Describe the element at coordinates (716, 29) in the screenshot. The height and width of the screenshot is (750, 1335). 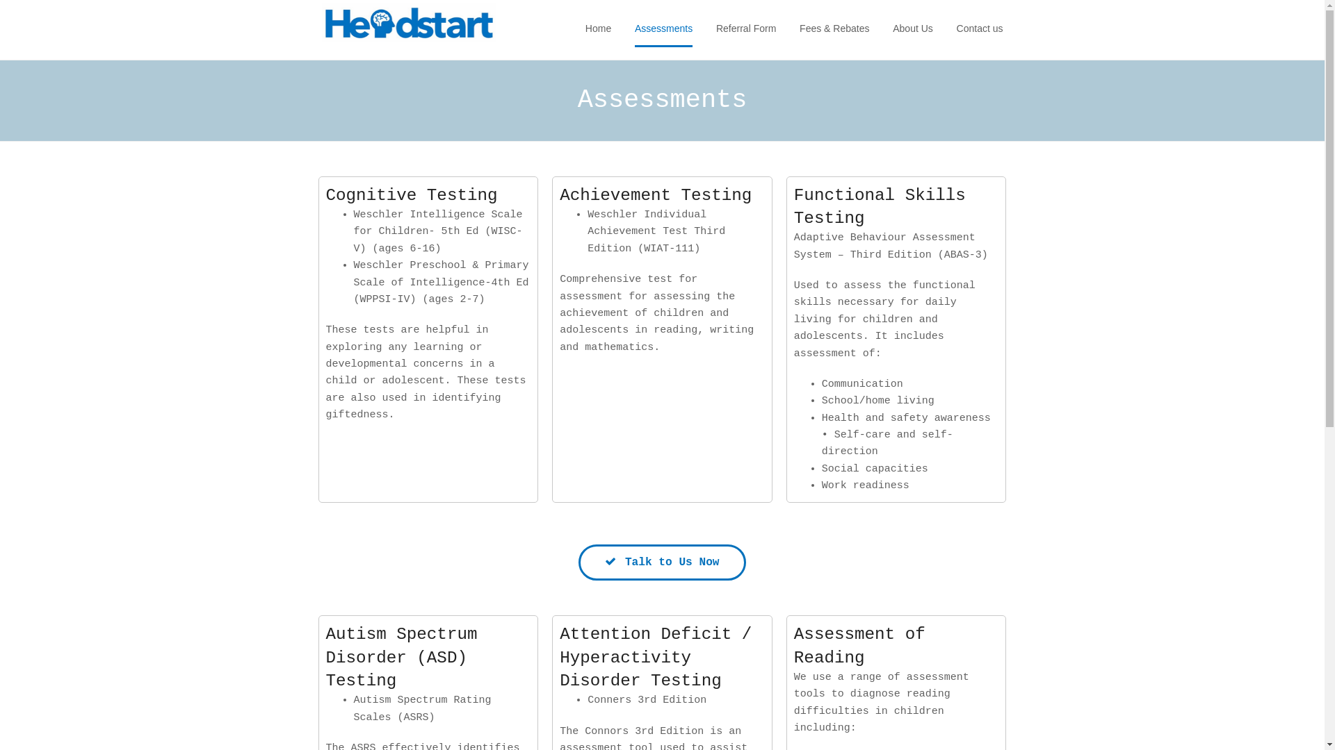
I see `'Referral Form'` at that location.